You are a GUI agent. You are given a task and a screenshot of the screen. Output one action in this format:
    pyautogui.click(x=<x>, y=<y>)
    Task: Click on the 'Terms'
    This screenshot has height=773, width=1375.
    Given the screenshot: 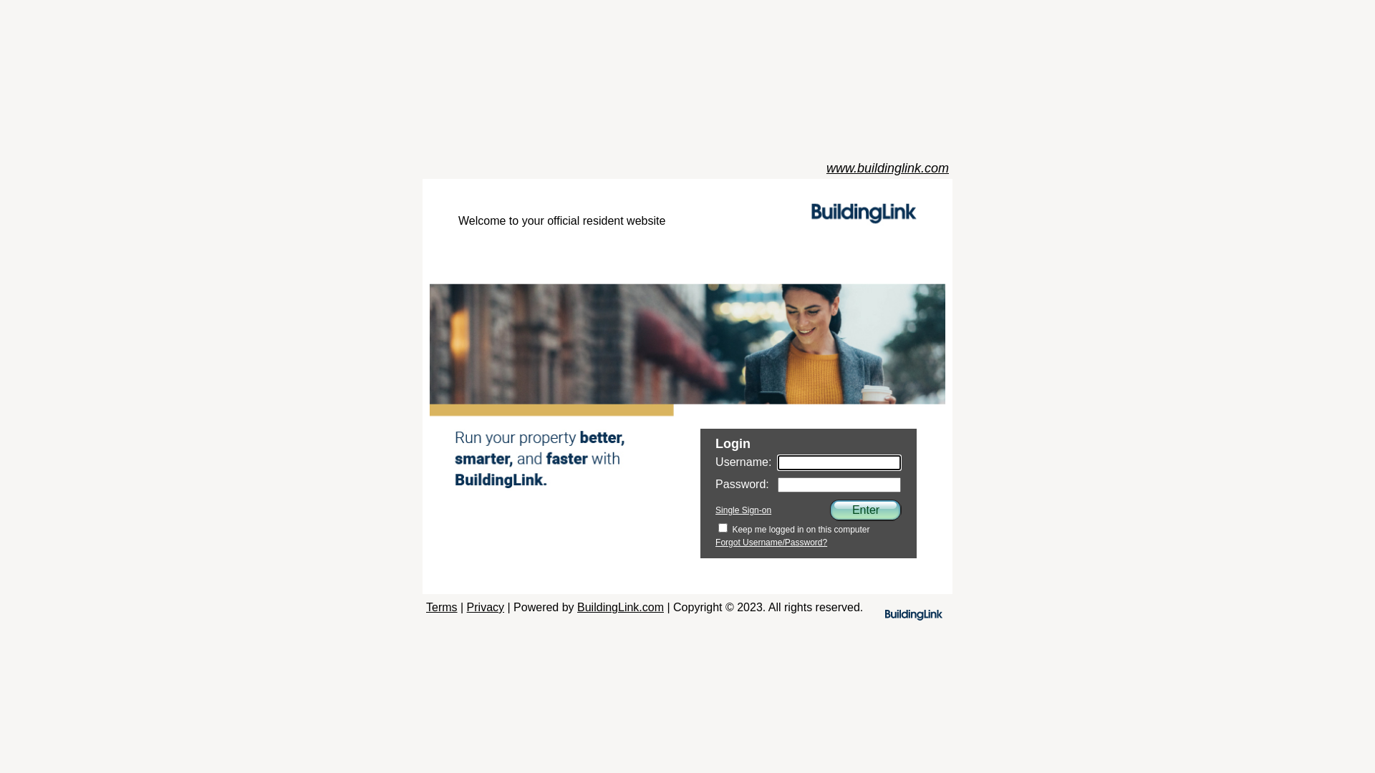 What is the action you would take?
    pyautogui.click(x=441, y=607)
    